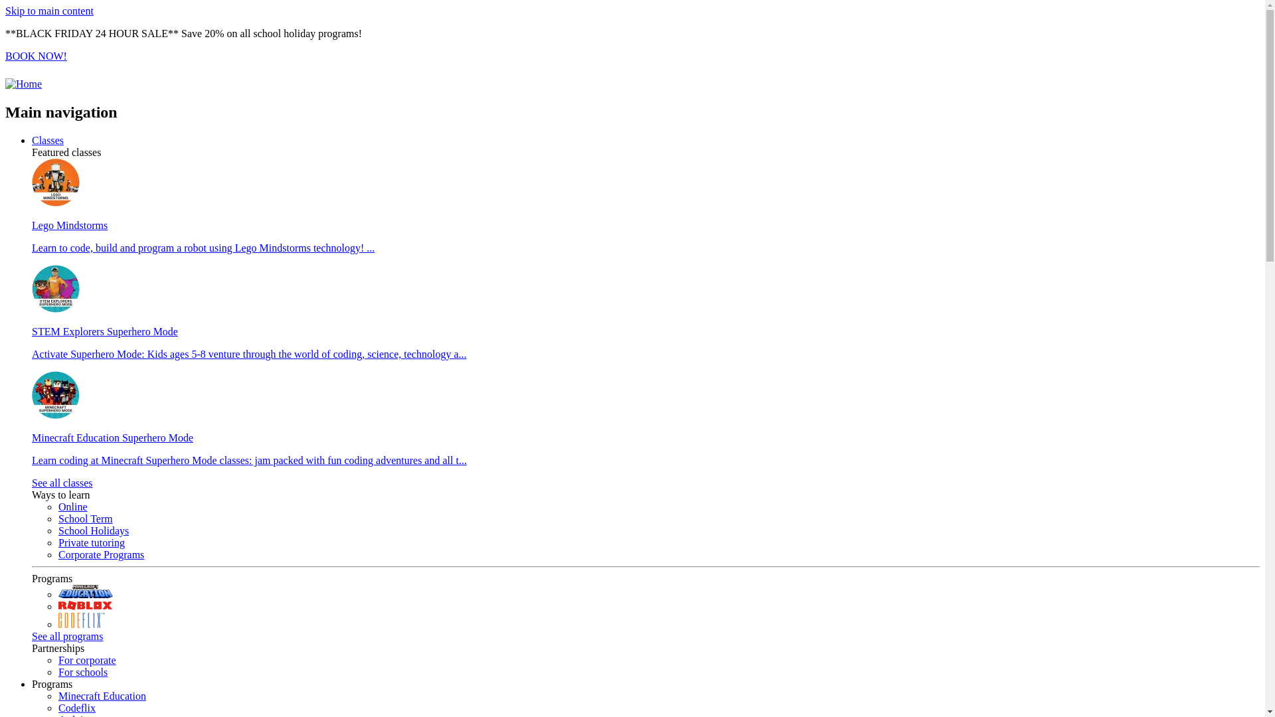 Image resolution: width=1275 pixels, height=717 pixels. Describe the element at coordinates (85, 518) in the screenshot. I see `'School Term'` at that location.